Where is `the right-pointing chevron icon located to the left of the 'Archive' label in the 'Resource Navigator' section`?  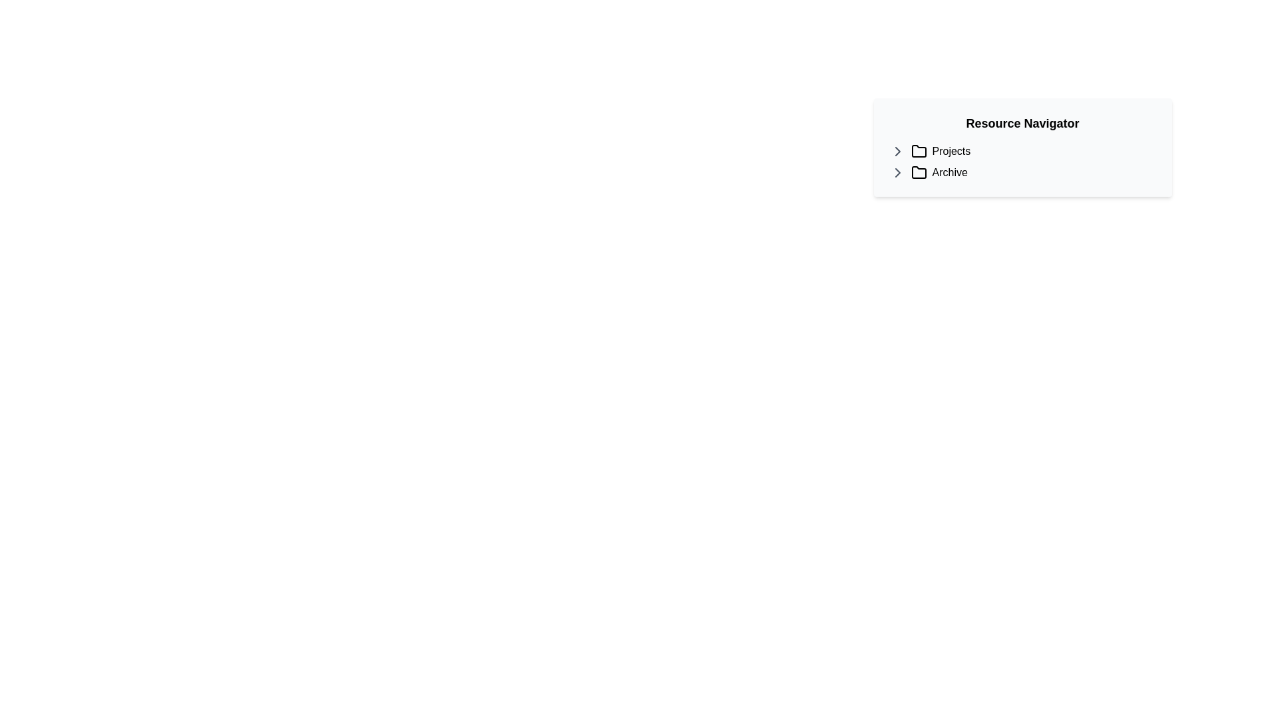
the right-pointing chevron icon located to the left of the 'Archive' label in the 'Resource Navigator' section is located at coordinates (897, 172).